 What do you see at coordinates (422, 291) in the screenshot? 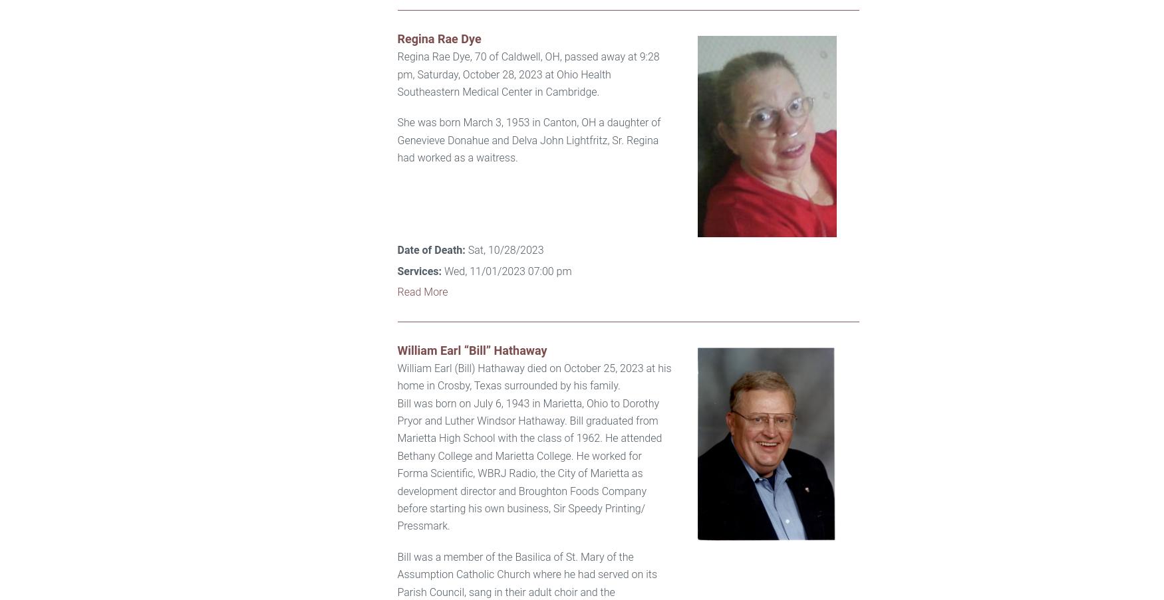
I see `'Read More'` at bounding box center [422, 291].